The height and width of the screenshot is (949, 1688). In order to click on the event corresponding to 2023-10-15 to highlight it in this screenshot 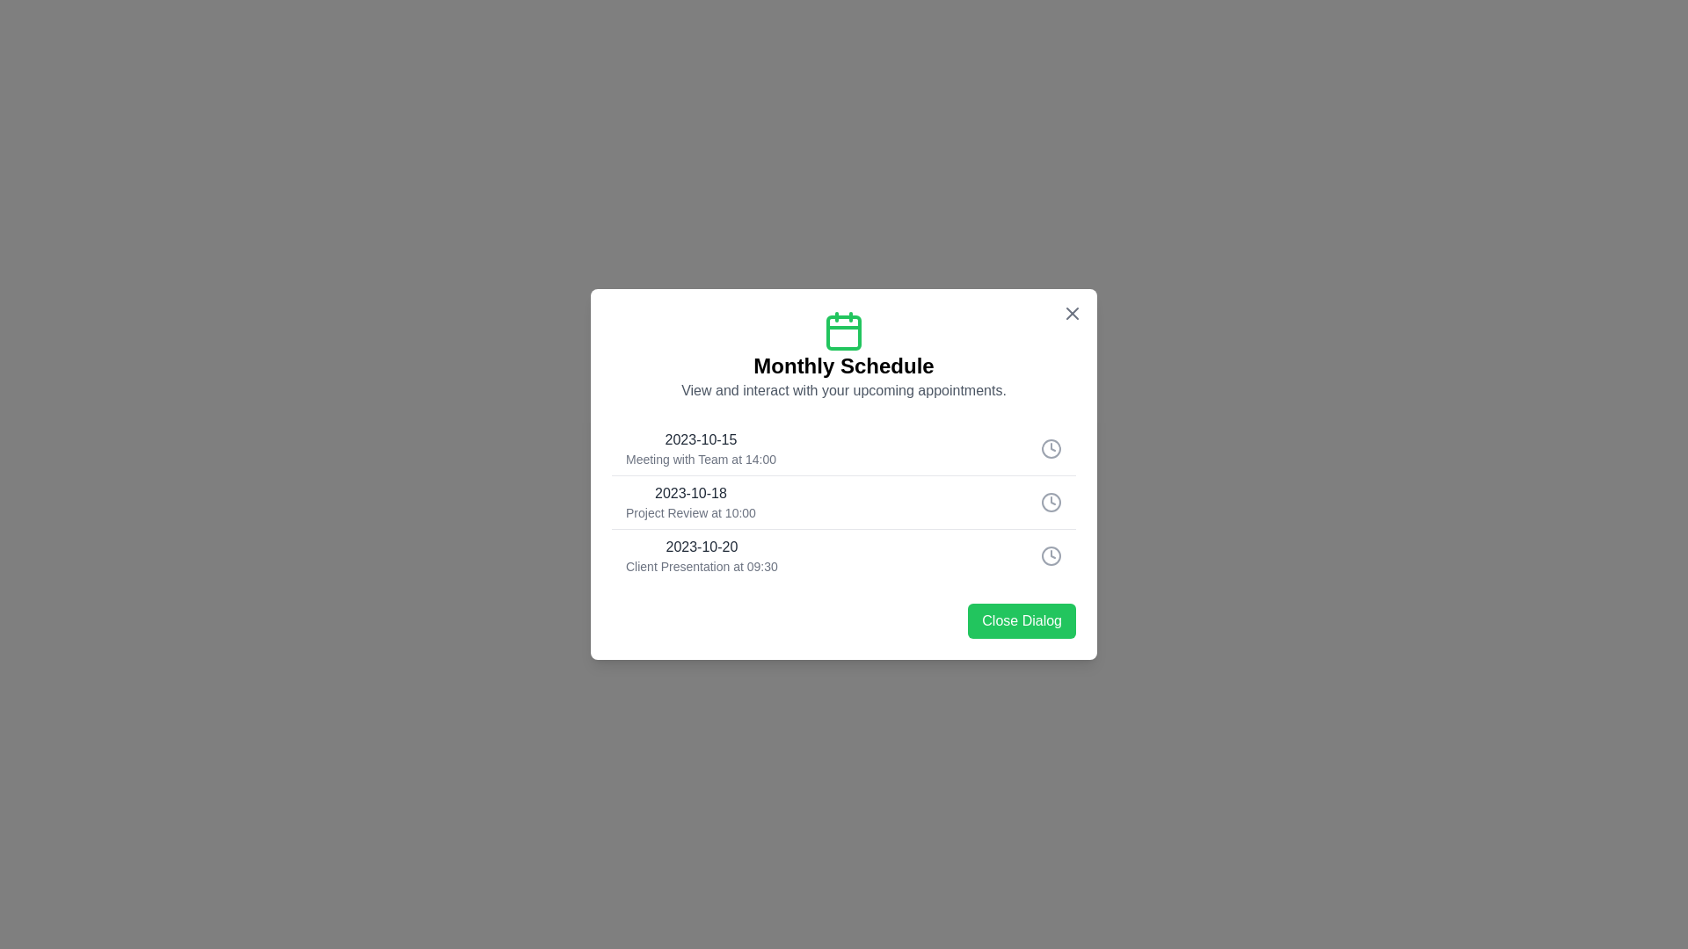, I will do `click(844, 447)`.